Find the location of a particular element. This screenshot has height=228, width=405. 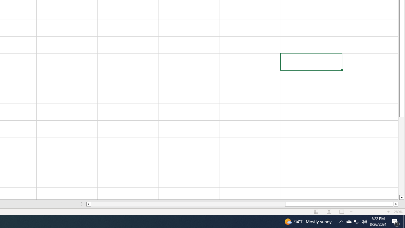

'Page Break Preview' is located at coordinates (341, 212).